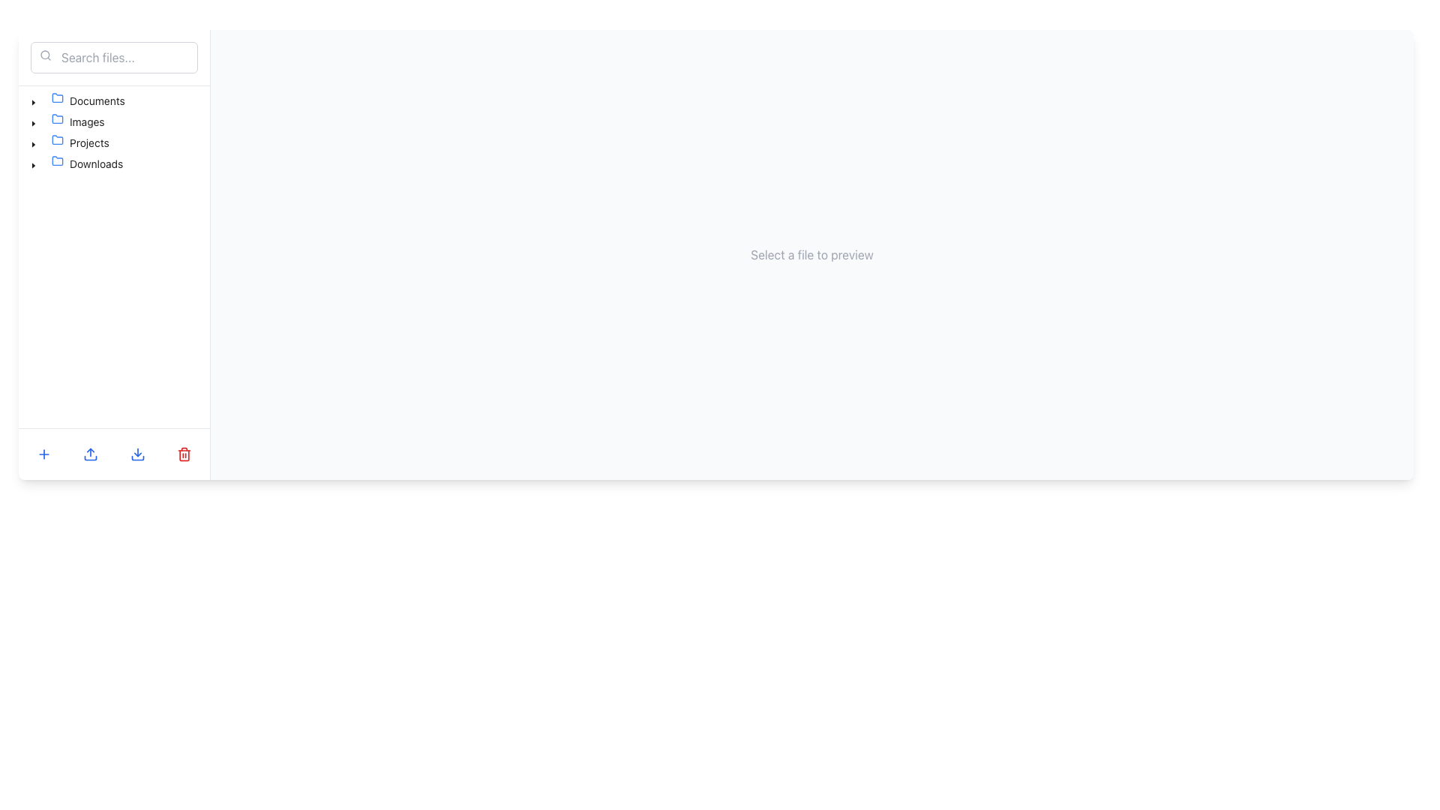 Image resolution: width=1440 pixels, height=810 pixels. Describe the element at coordinates (33, 144) in the screenshot. I see `the caret-down styled icon located in the left-hand navigation panel` at that location.